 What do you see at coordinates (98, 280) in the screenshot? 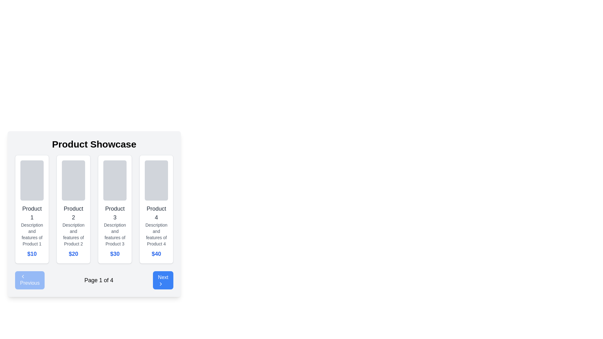
I see `the informational text block that indicates the current page and total page count in the pagination control, which is centrally placed between the 'Previous' and 'Next' buttons` at bounding box center [98, 280].